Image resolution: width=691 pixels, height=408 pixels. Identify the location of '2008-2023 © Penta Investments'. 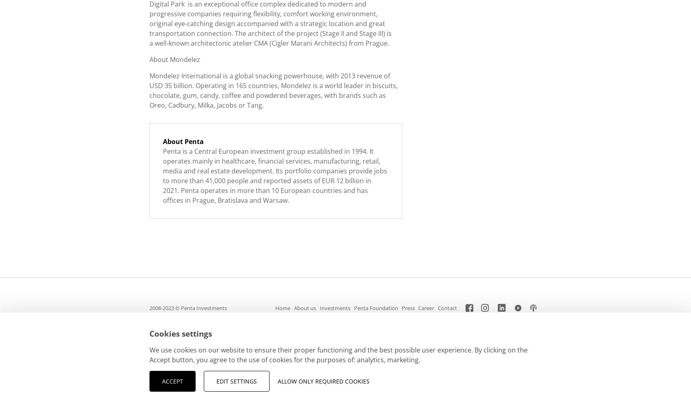
(188, 308).